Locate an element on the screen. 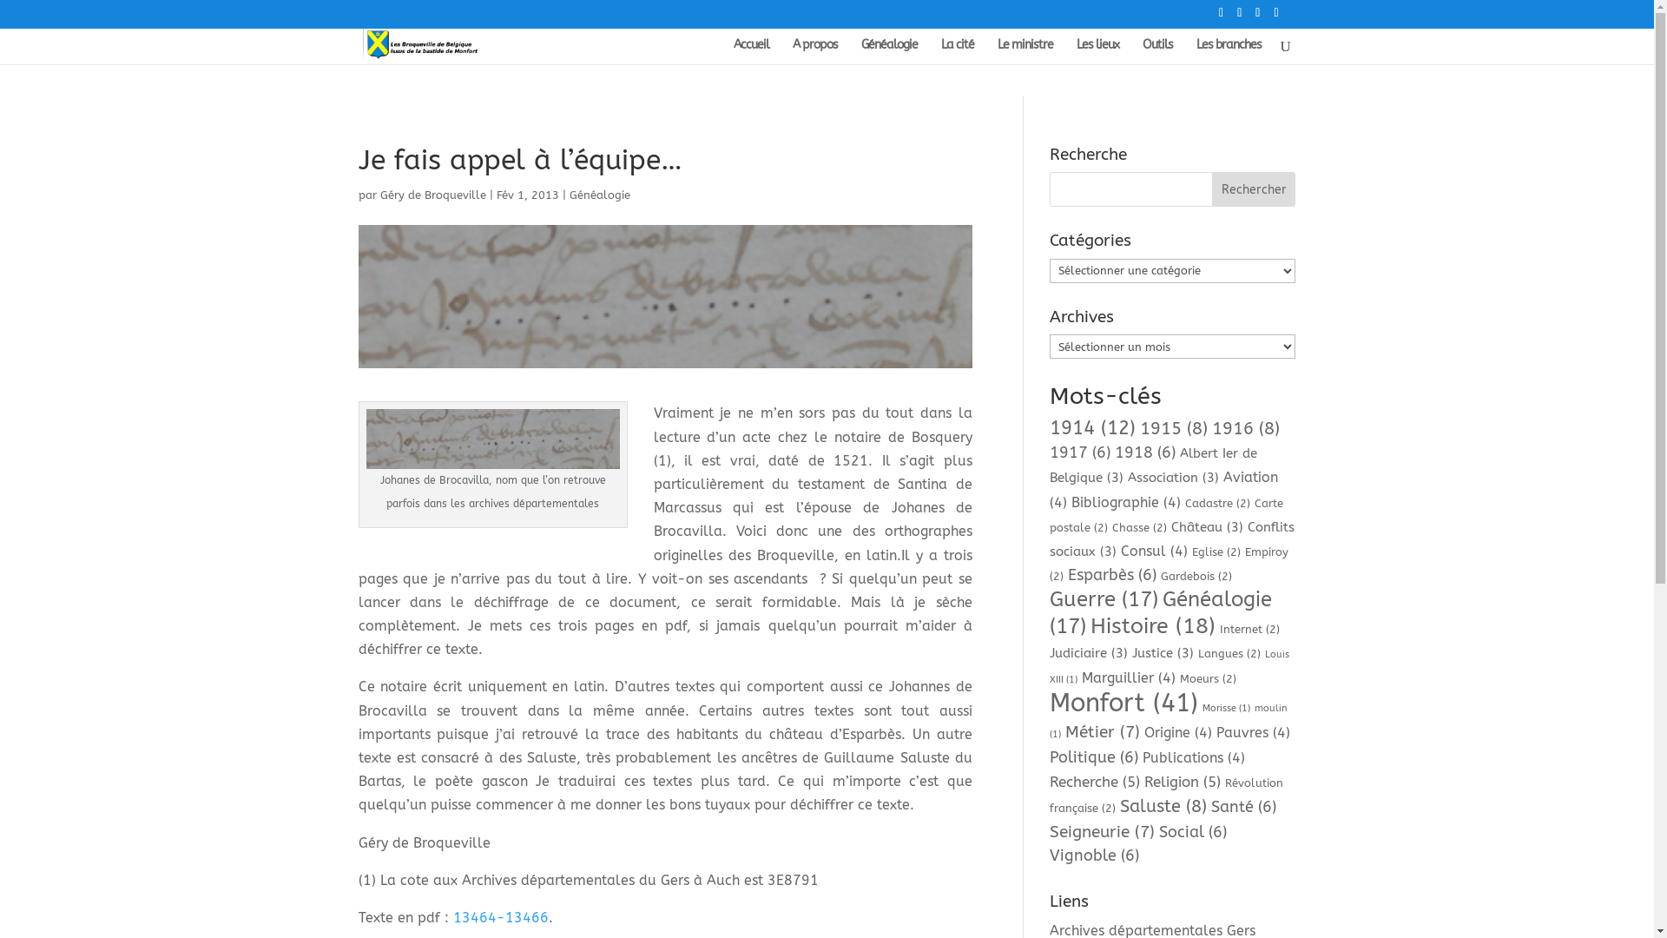 This screenshot has height=938, width=1667. '1914 (12)' is located at coordinates (1091, 428).